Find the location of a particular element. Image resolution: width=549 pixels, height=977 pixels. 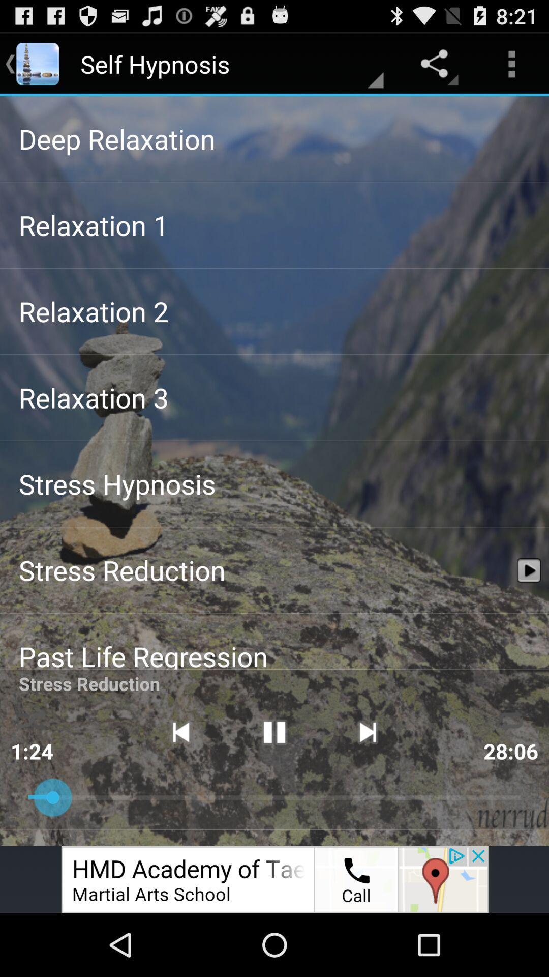

open advertisement is located at coordinates (274, 879).